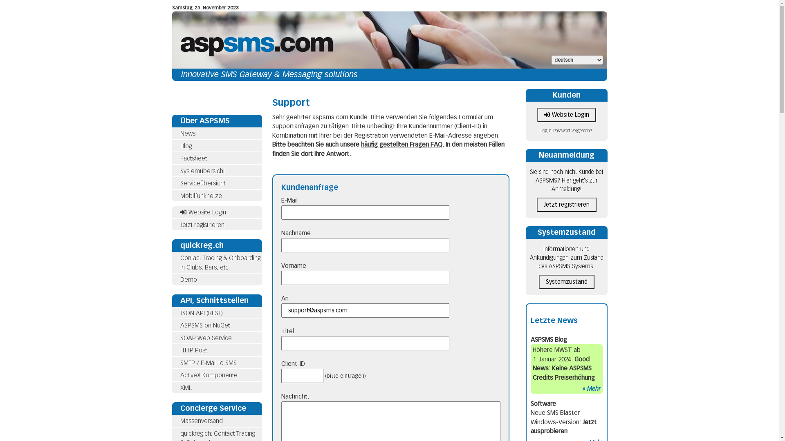  What do you see at coordinates (179, 325) in the screenshot?
I see `'ASPSMS on NuGet'` at bounding box center [179, 325].